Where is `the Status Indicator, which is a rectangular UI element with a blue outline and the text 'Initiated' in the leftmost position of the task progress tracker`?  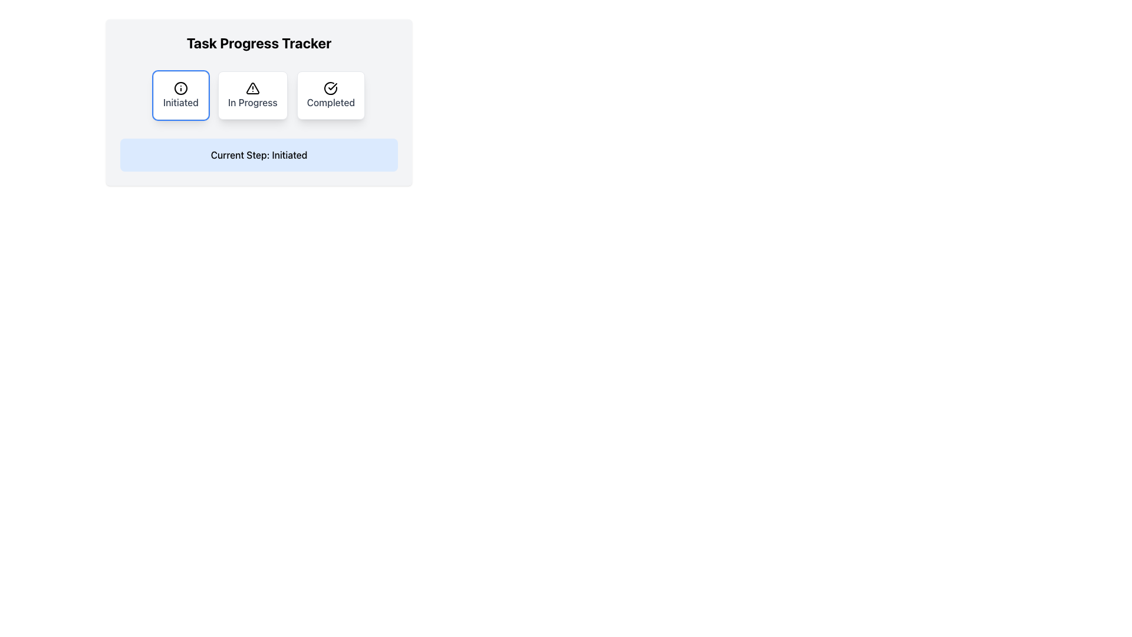
the Status Indicator, which is a rectangular UI element with a blue outline and the text 'Initiated' in the leftmost position of the task progress tracker is located at coordinates (180, 95).